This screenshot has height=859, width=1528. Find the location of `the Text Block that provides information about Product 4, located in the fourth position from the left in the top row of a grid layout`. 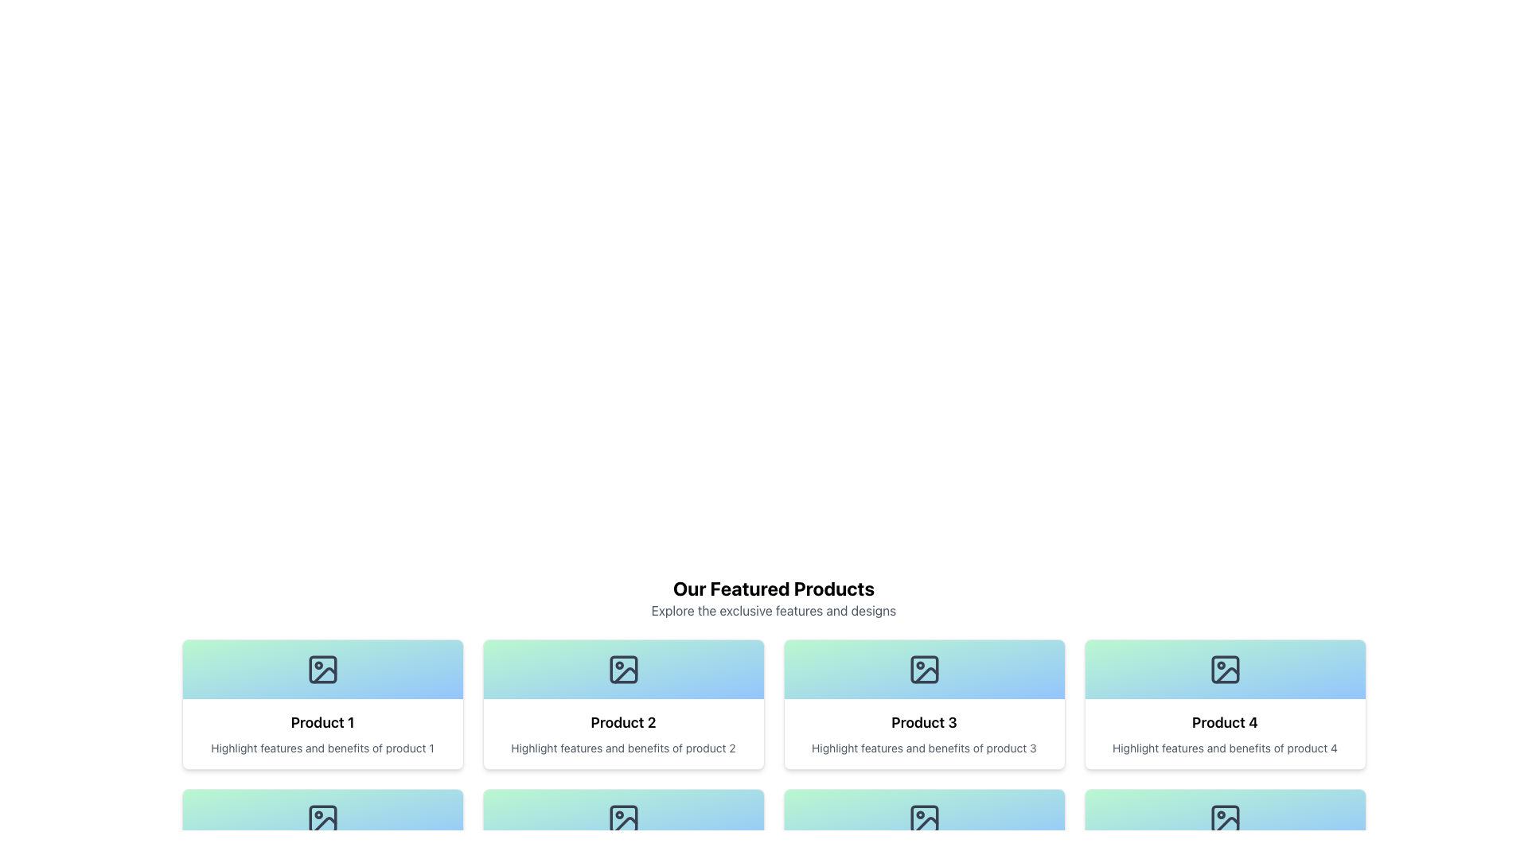

the Text Block that provides information about Product 4, located in the fourth position from the left in the top row of a grid layout is located at coordinates (1224, 733).